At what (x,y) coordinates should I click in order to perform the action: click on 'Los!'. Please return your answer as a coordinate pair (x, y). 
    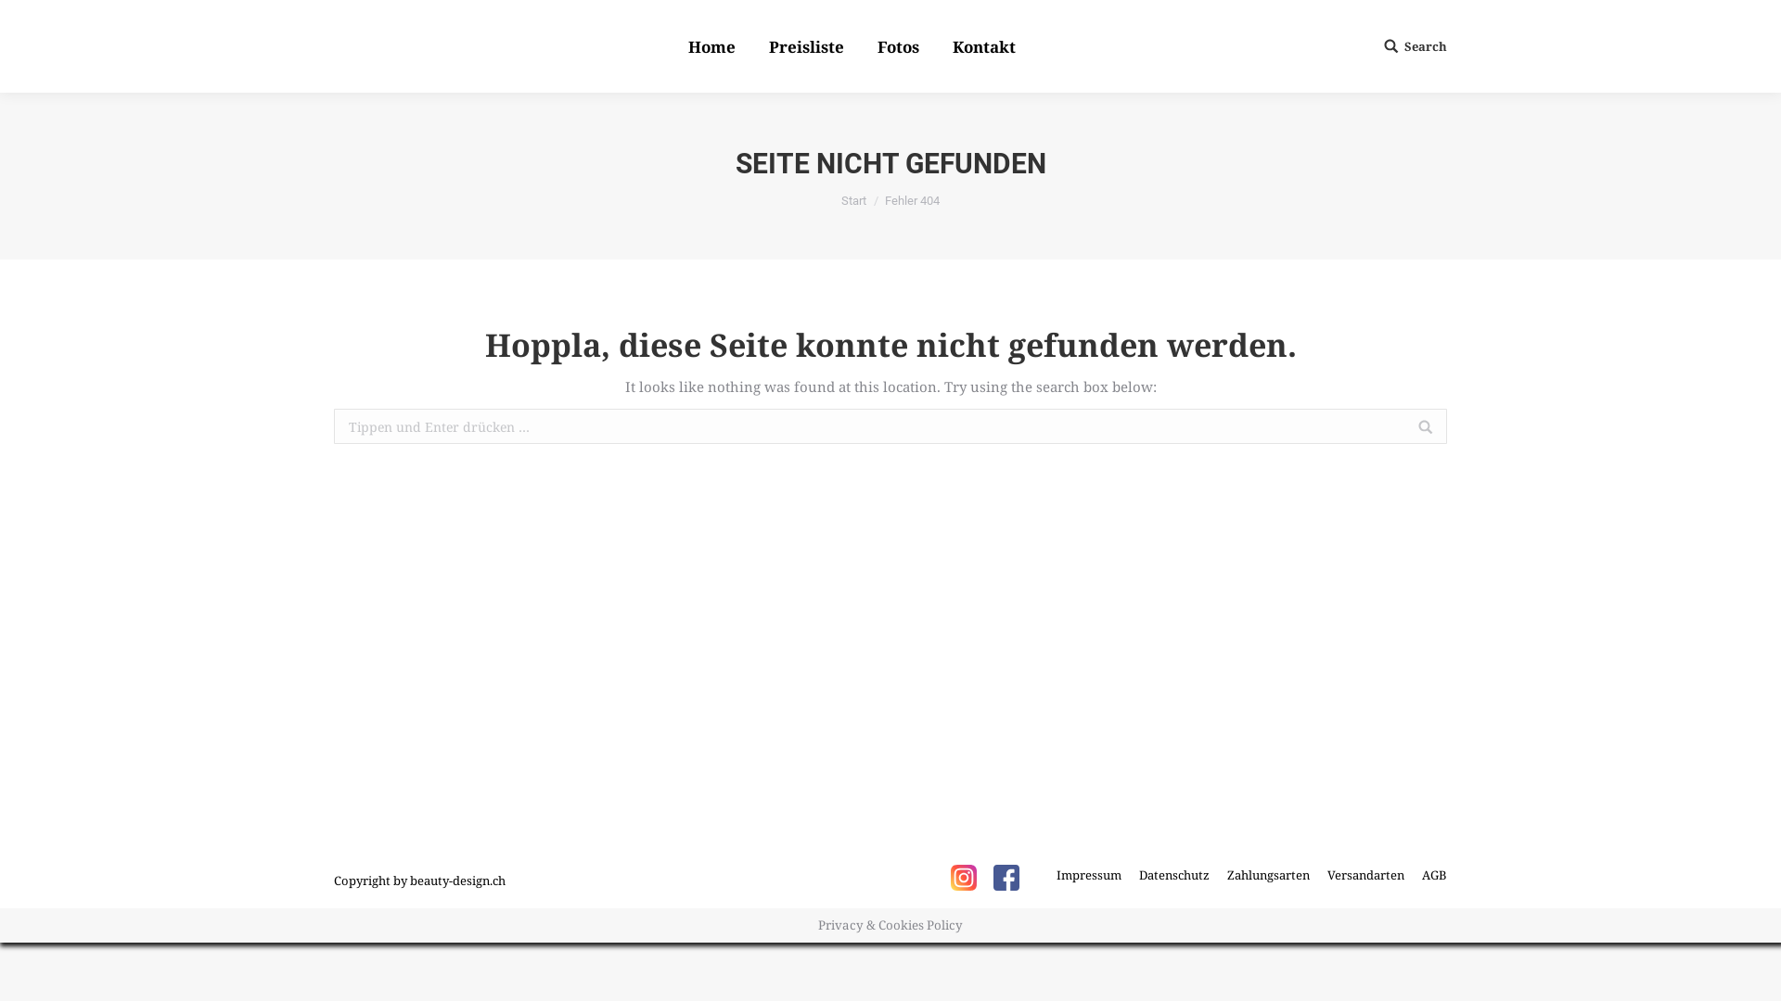
    Looking at the image, I should click on (29, 18).